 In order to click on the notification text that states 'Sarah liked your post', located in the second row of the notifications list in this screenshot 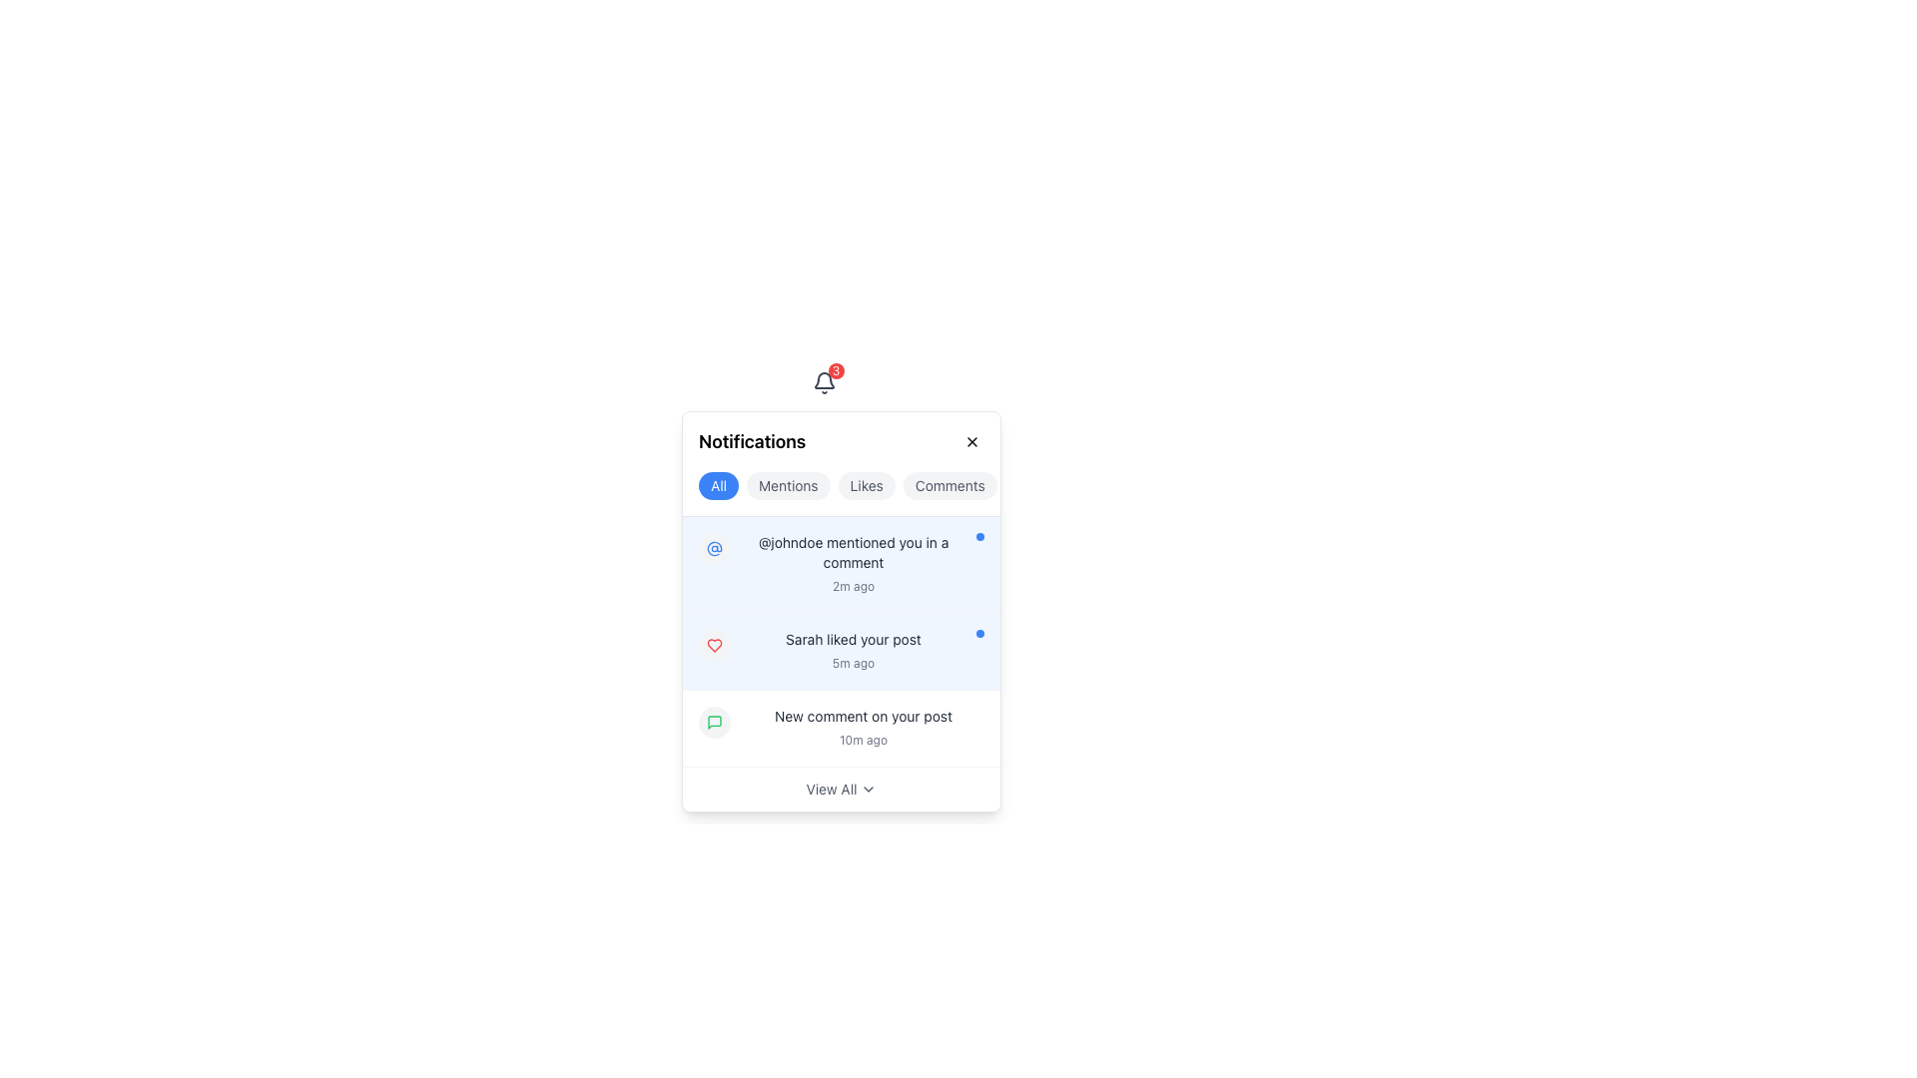, I will do `click(853, 639)`.